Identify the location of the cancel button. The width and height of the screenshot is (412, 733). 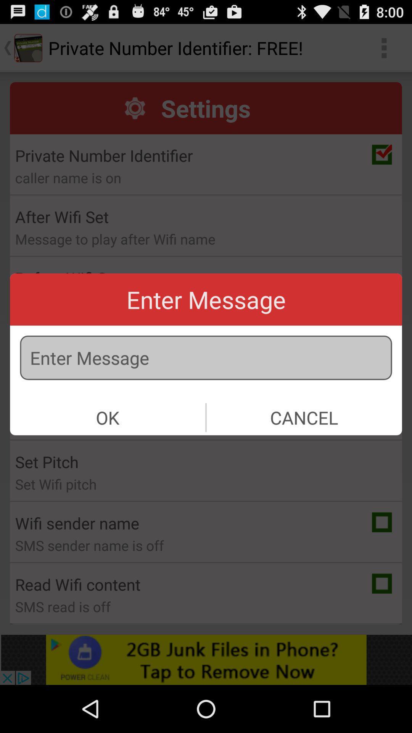
(304, 417).